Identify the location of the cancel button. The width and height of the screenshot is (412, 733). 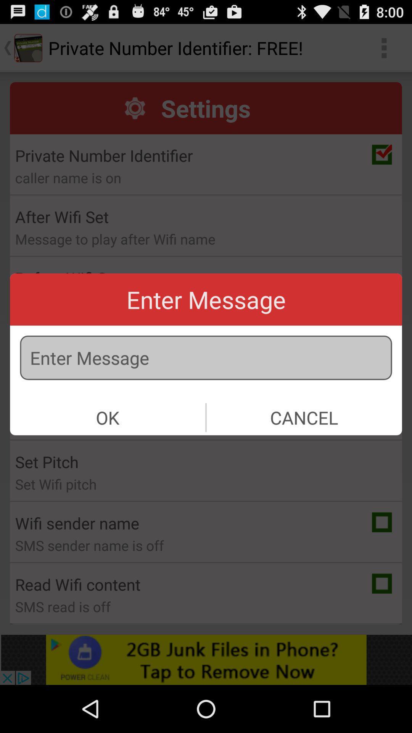
(304, 417).